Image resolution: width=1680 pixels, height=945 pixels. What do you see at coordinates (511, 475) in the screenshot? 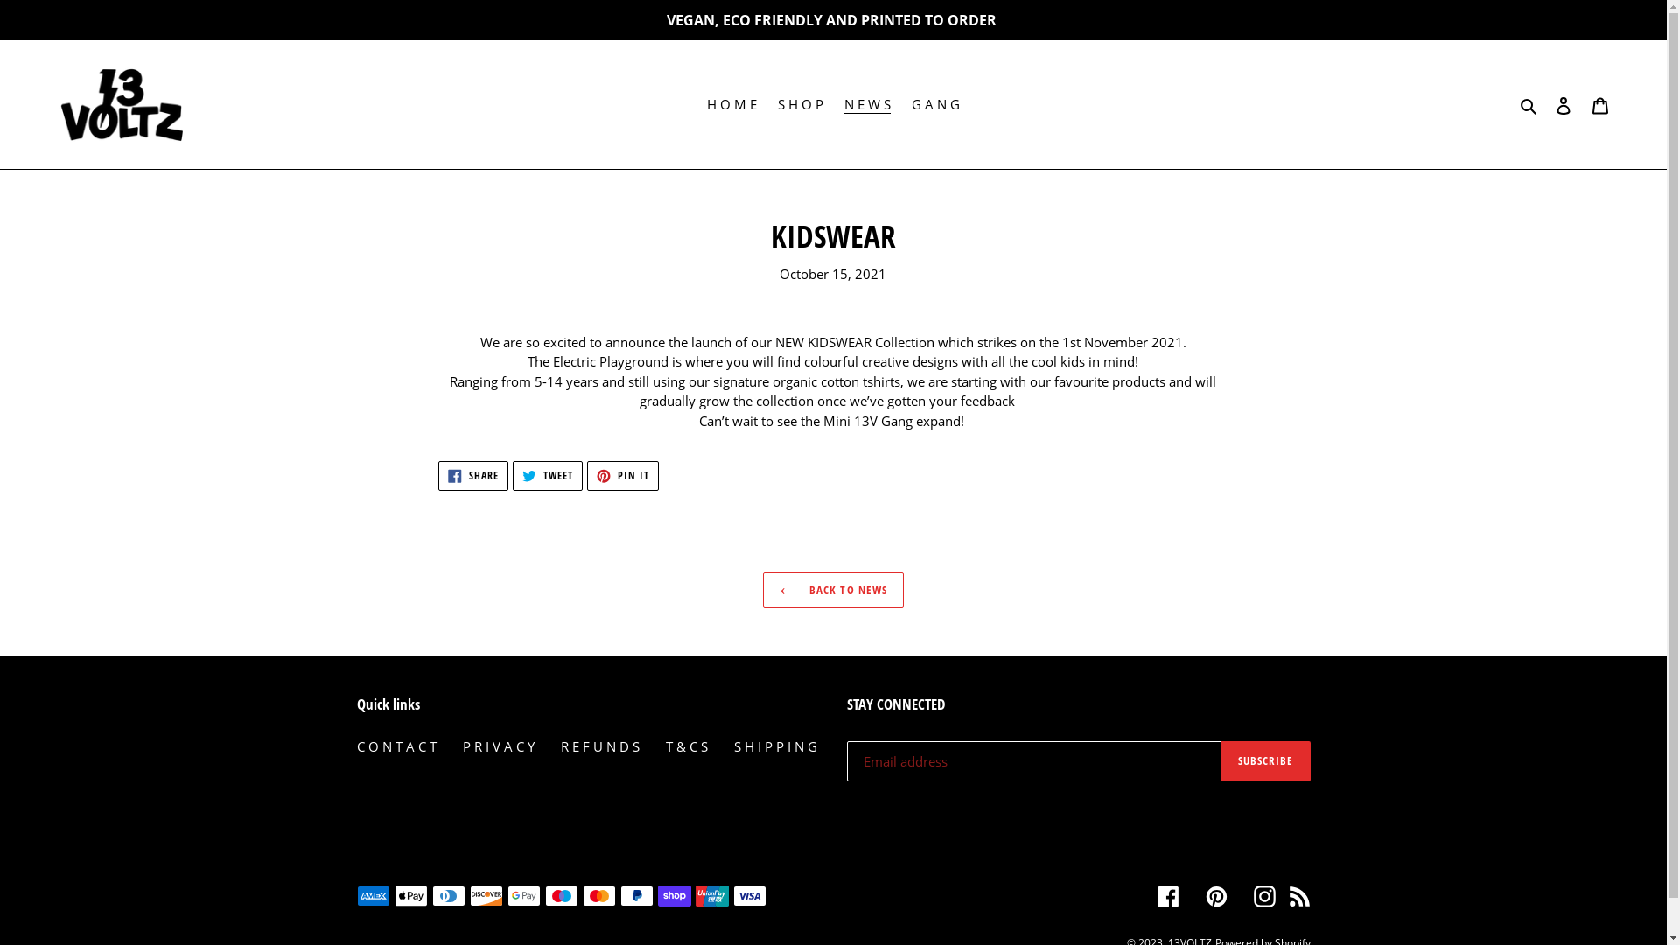
I see `'TWEET` at bounding box center [511, 475].